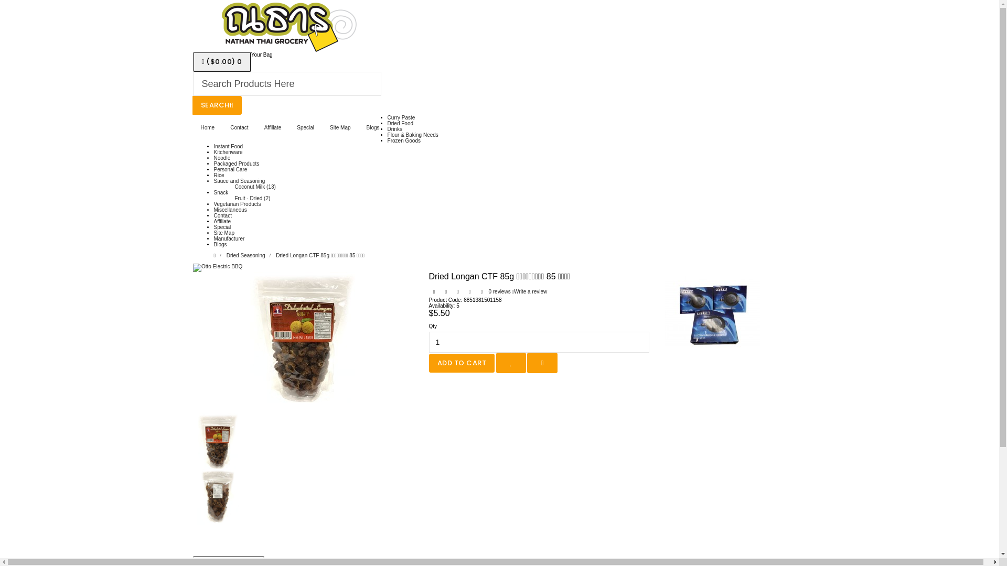 The width and height of the screenshot is (1007, 566). Describe the element at coordinates (495, 362) in the screenshot. I see `'Add to Wish List'` at that location.